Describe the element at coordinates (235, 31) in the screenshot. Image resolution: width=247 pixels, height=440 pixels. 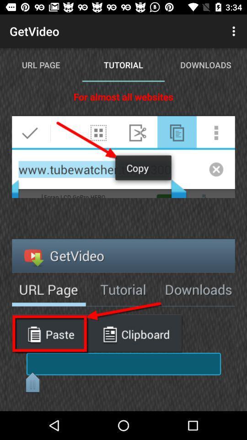
I see `icon above downloads app` at that location.